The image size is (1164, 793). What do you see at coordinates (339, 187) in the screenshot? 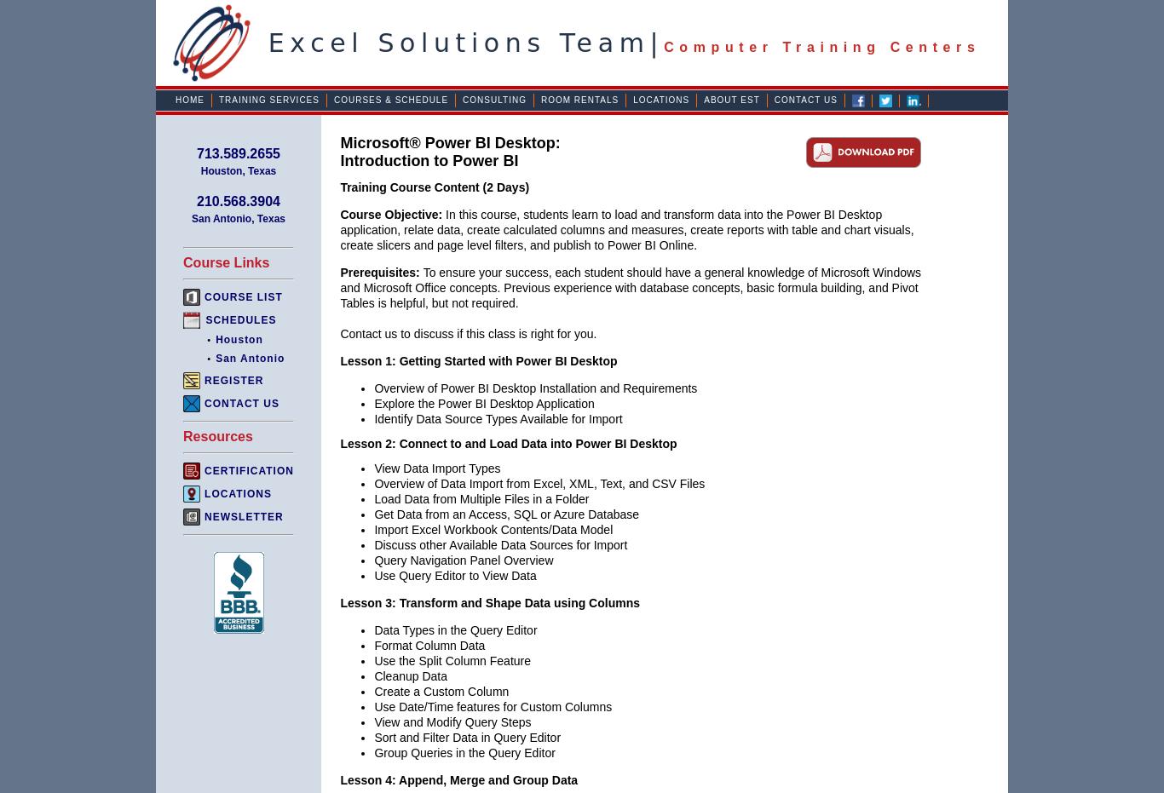
I see `'Training Course Content (2 Days)'` at bounding box center [339, 187].